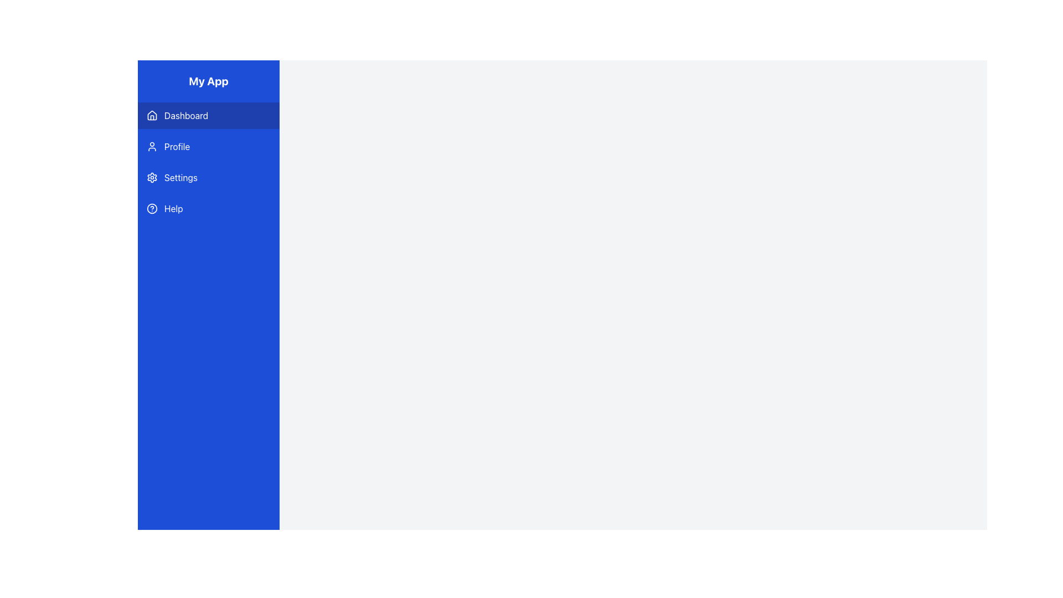 This screenshot has width=1063, height=598. What do you see at coordinates (209, 209) in the screenshot?
I see `the help button located in the vertical navigation menu, which is the fourth entry below 'Settings'` at bounding box center [209, 209].